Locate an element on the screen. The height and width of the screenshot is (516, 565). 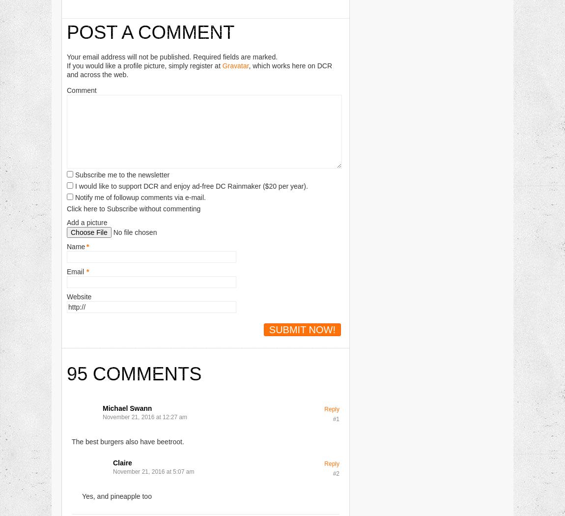
'The best burgers also have beetroot.' is located at coordinates (127, 440).